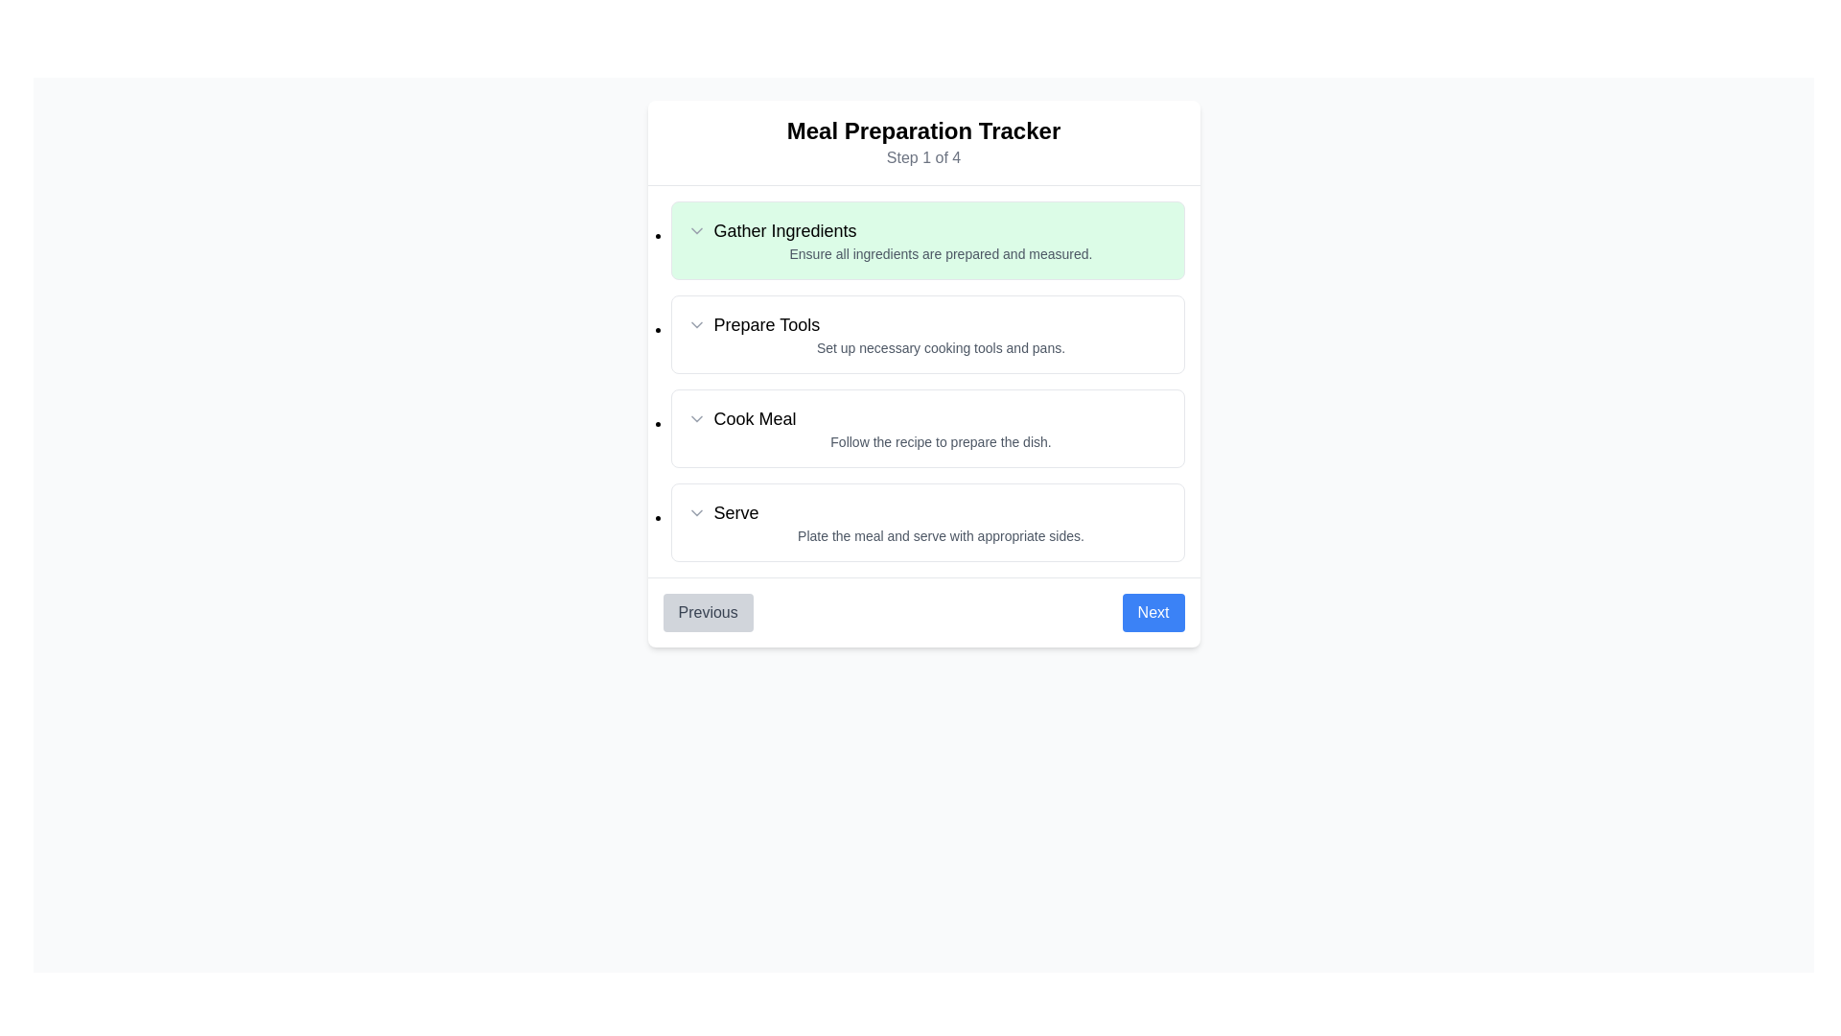  What do you see at coordinates (927, 417) in the screenshot?
I see `the 'Cook Meal' step in the meal preparation wizard interface` at bounding box center [927, 417].